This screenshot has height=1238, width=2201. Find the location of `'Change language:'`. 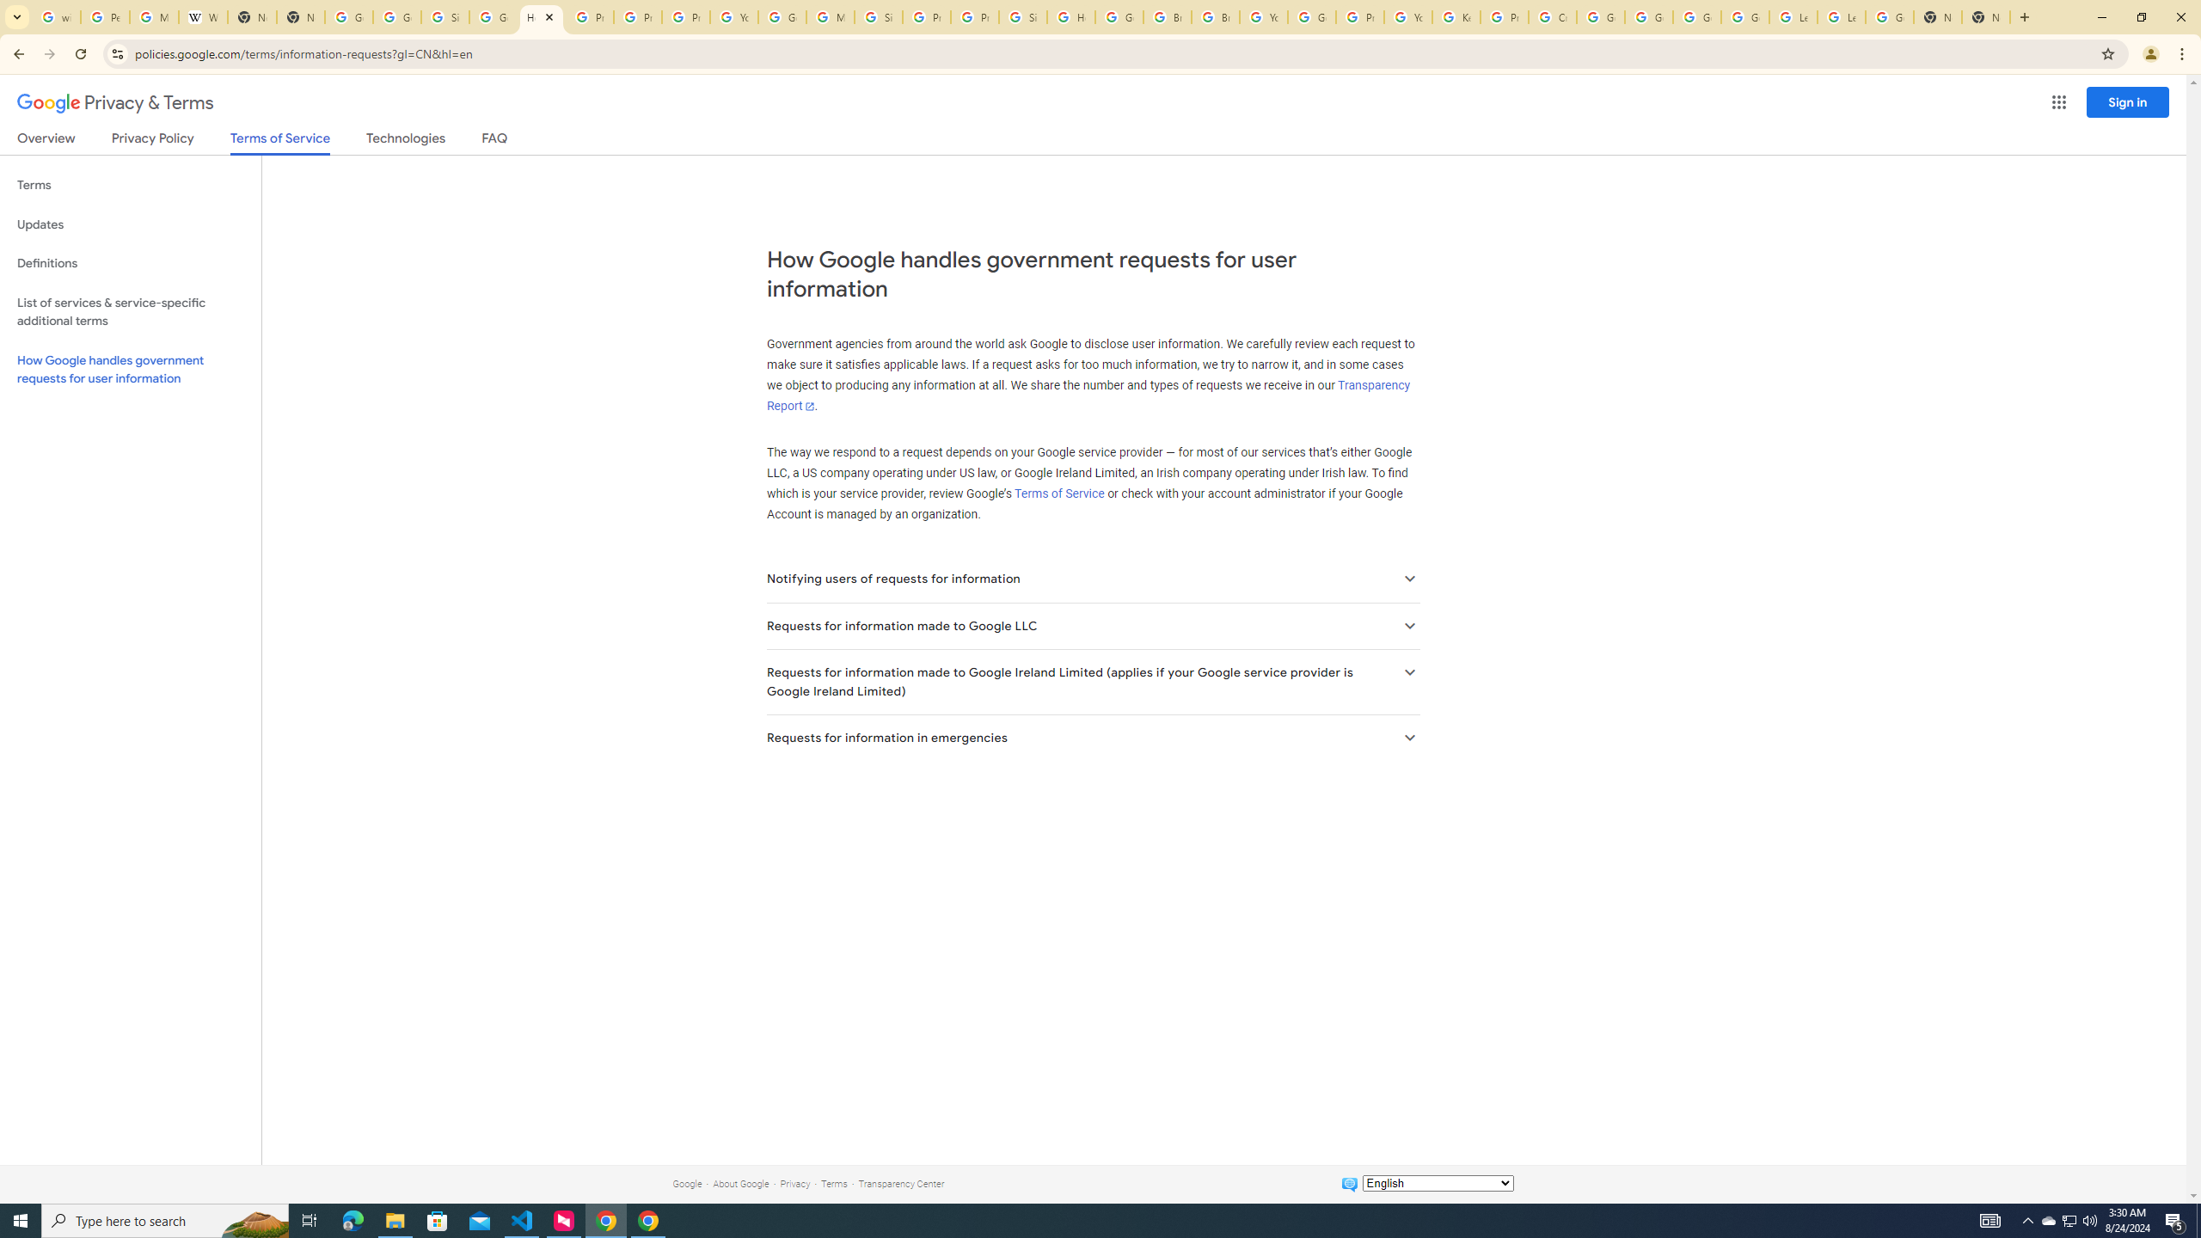

'Change language:' is located at coordinates (1437, 1181).